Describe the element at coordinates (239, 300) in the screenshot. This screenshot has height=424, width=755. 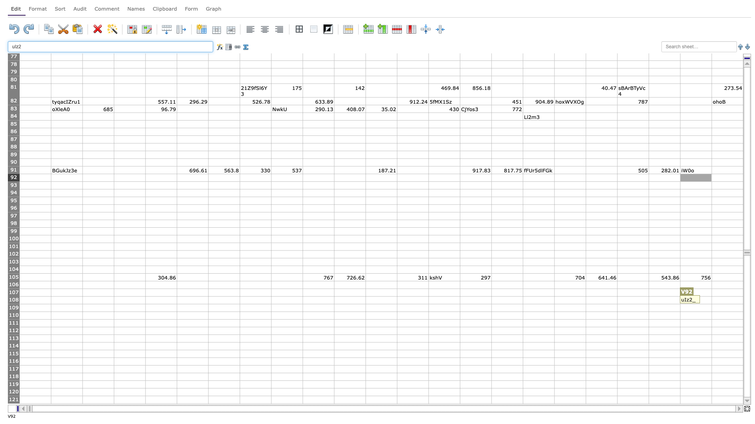
I see `right edge of G108` at that location.